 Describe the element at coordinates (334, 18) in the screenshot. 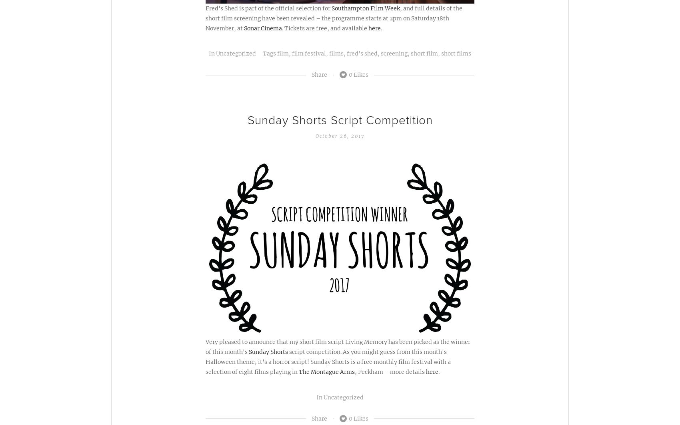

I see `', and full details of the short film screening have been revealed – the programme starts at 2pm on Saturday 18th November, at'` at that location.